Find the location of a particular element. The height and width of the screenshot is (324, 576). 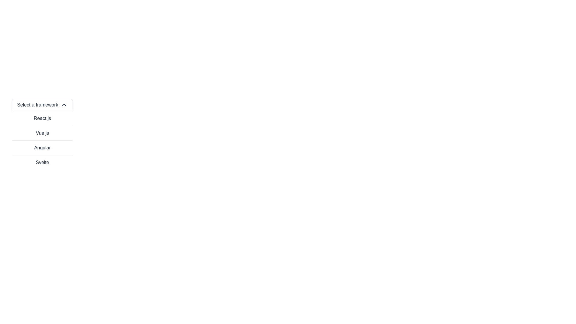

the dropdown menu trigger located at the top of the dropdown interface is located at coordinates (42, 105).